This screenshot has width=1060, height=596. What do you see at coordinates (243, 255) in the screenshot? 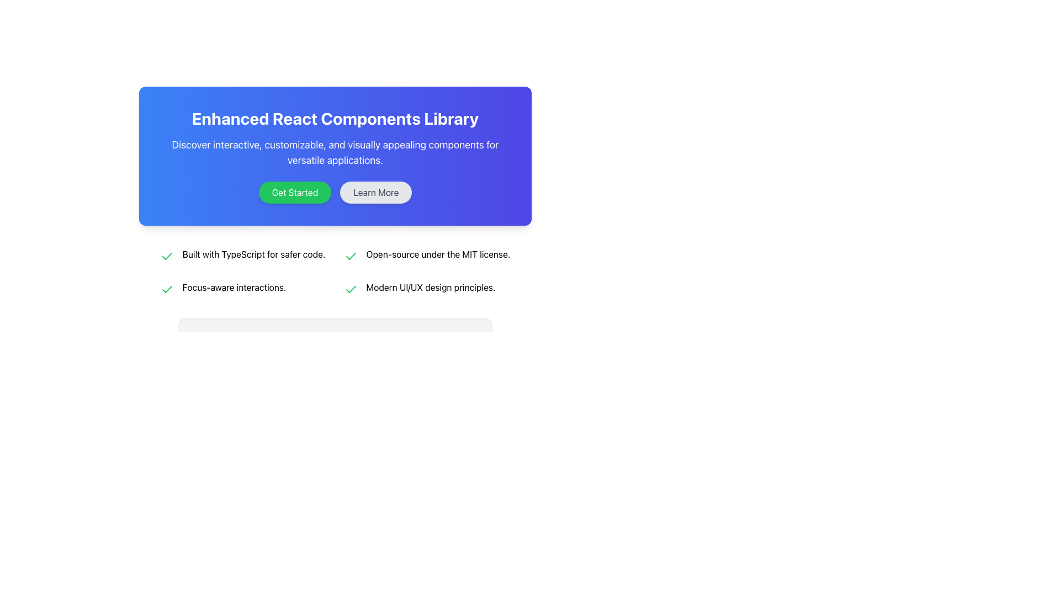
I see `the first feature item in the vertical list that highlights safe coding practices enabled by TypeScript to visually interpret the accompanying icon as a positive feature` at bounding box center [243, 255].